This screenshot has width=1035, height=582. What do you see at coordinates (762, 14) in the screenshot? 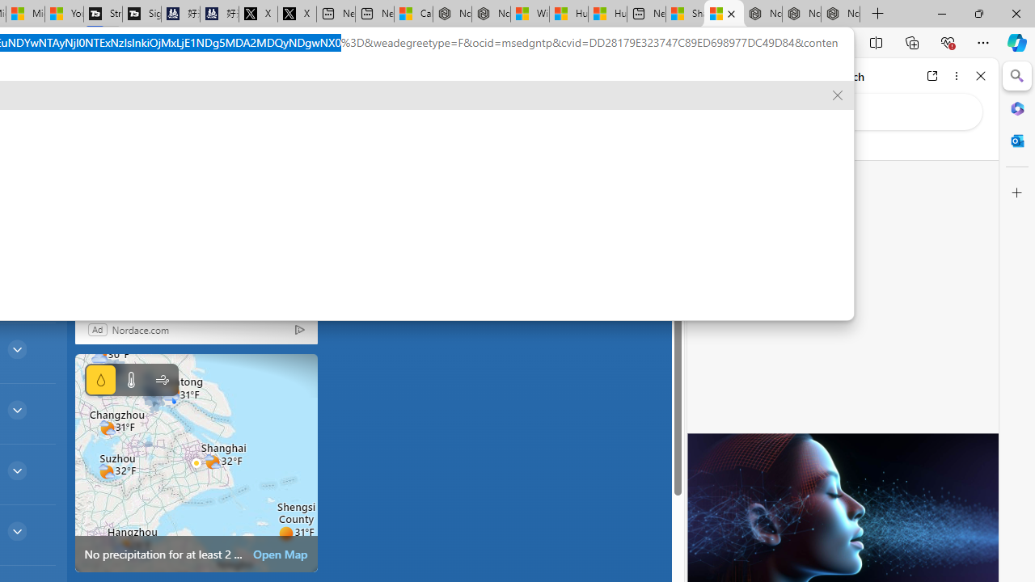
I see `'Nordace - Best Sellers'` at bounding box center [762, 14].